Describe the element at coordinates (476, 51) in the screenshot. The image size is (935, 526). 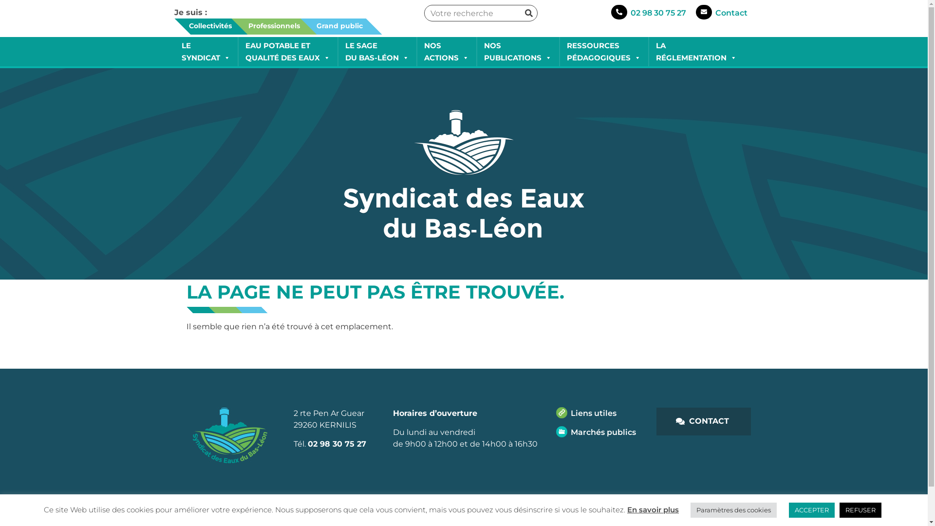
I see `'NOS` at that location.